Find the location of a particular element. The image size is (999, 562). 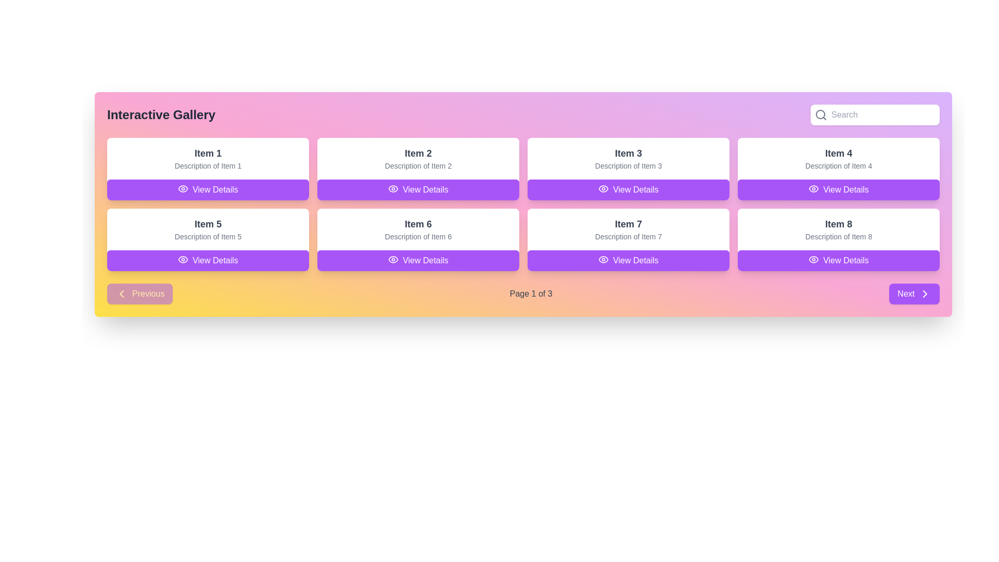

the 'View Details' button that contains an eye-shaped icon with a purple background, located in the top row of the grid layout, second item from the left is located at coordinates (393, 188).